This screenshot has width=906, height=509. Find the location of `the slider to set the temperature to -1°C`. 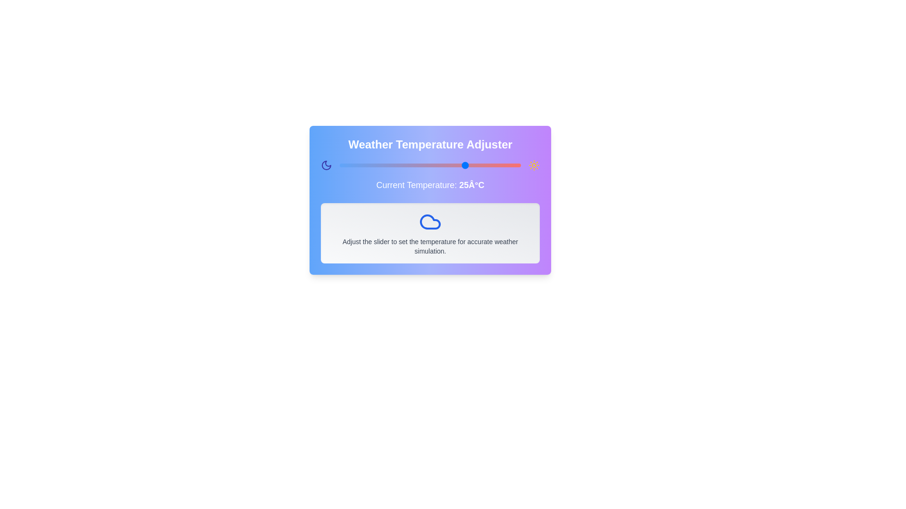

the slider to set the temperature to -1°C is located at coordinates (372, 165).